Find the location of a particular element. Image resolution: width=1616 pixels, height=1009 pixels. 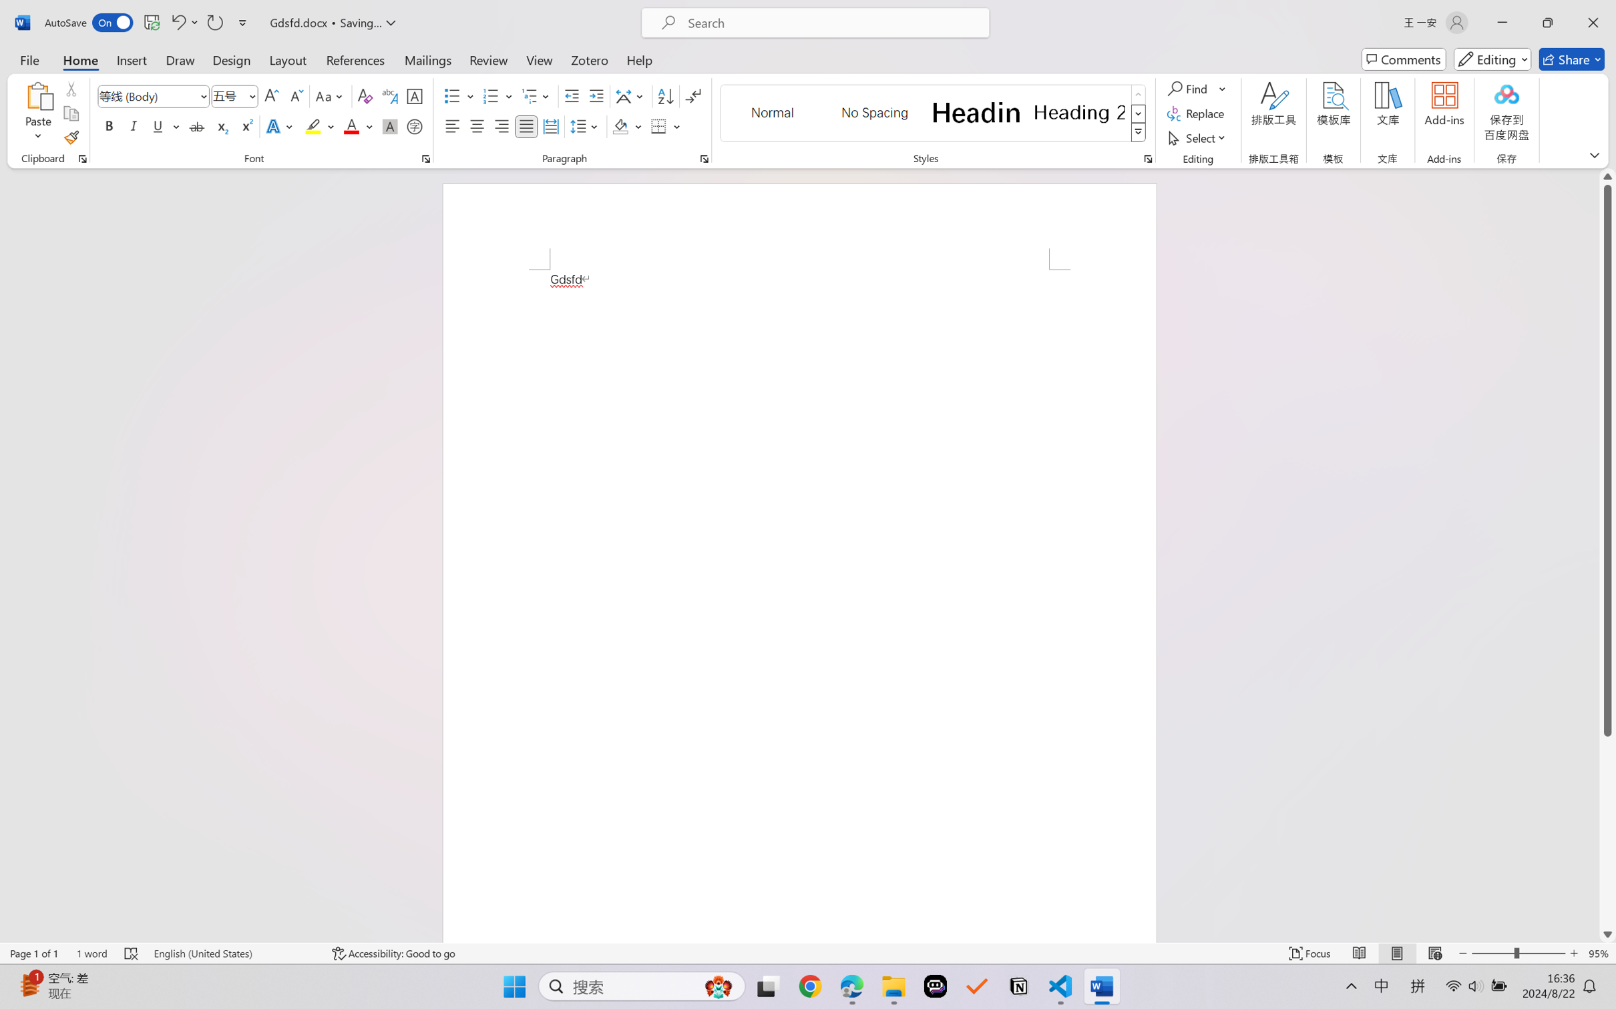

'Line up' is located at coordinates (1607, 176).